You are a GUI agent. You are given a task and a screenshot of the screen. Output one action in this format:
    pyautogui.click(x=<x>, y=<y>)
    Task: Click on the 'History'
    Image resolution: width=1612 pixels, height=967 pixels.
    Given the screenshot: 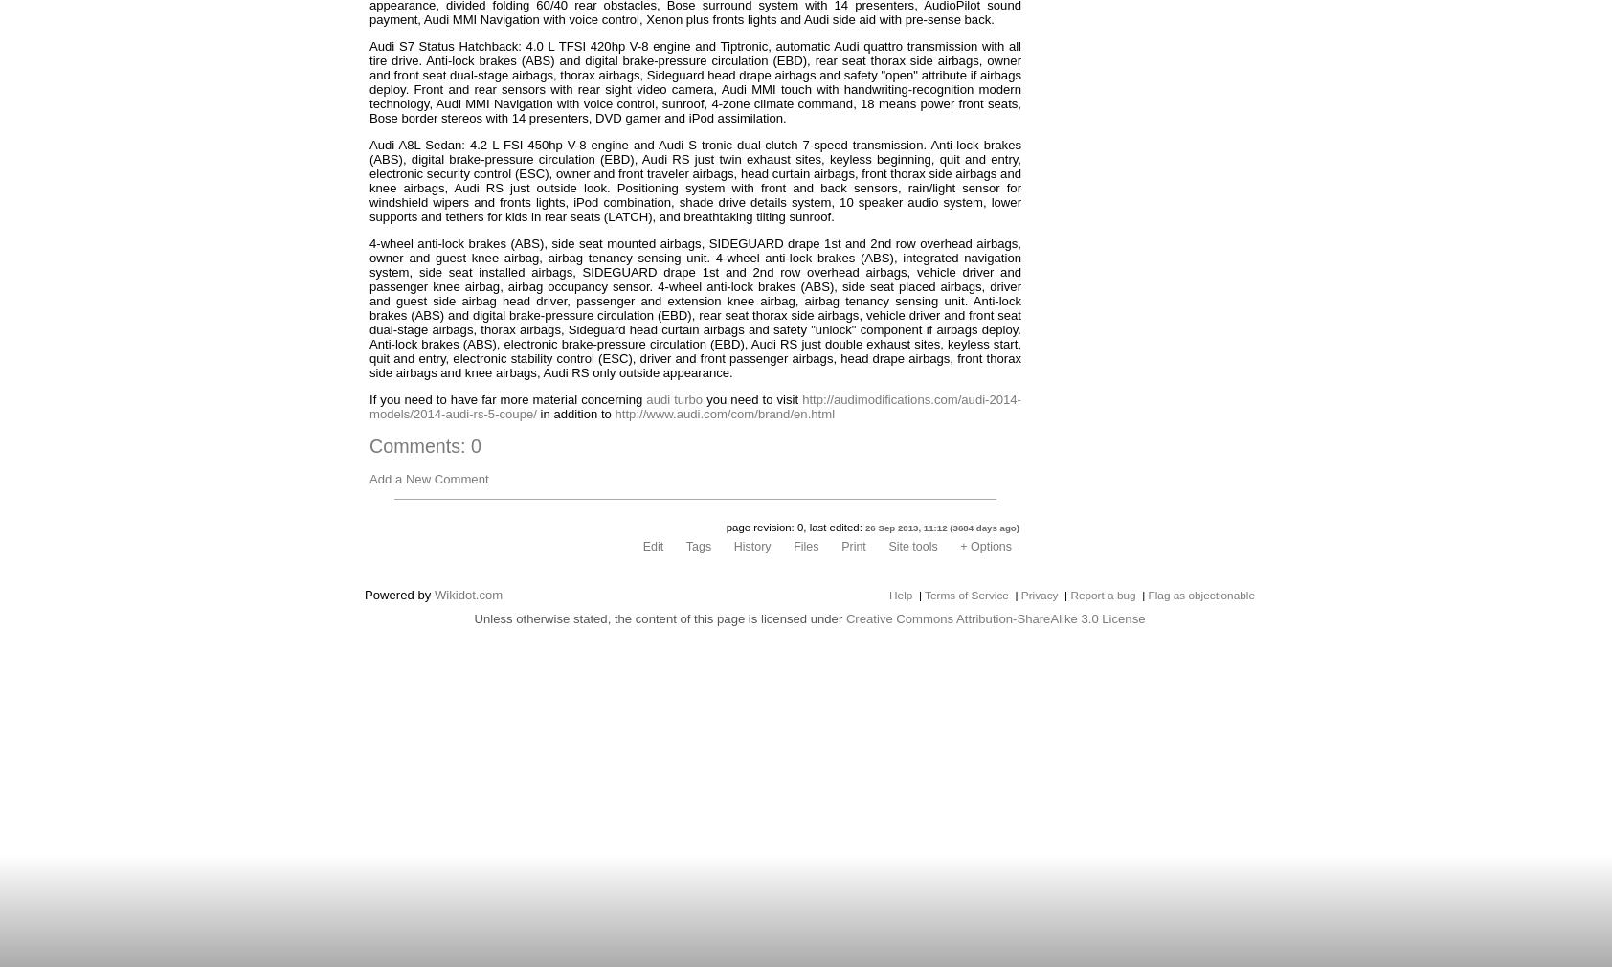 What is the action you would take?
    pyautogui.click(x=751, y=545)
    